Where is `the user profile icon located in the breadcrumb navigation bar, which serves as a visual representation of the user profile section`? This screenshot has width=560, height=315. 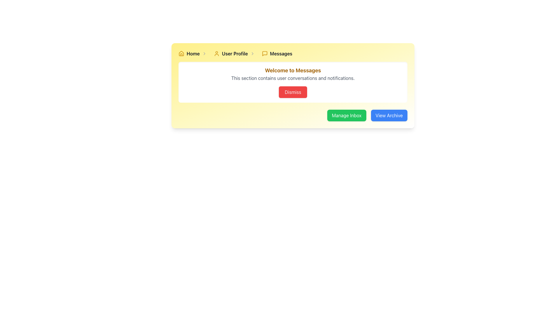 the user profile icon located in the breadcrumb navigation bar, which serves as a visual representation of the user profile section is located at coordinates (216, 54).